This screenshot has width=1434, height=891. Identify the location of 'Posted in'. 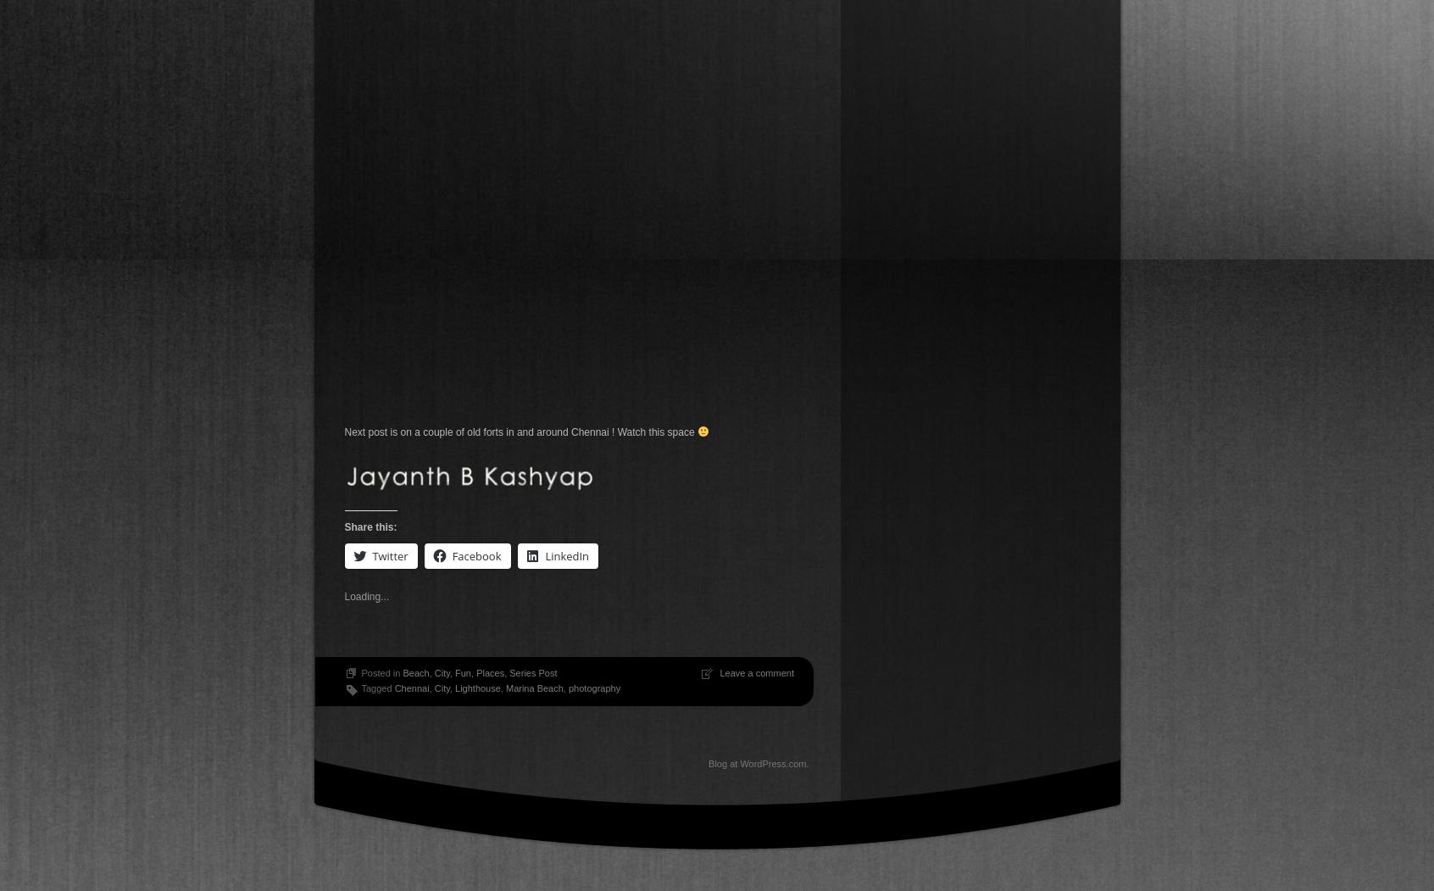
(380, 672).